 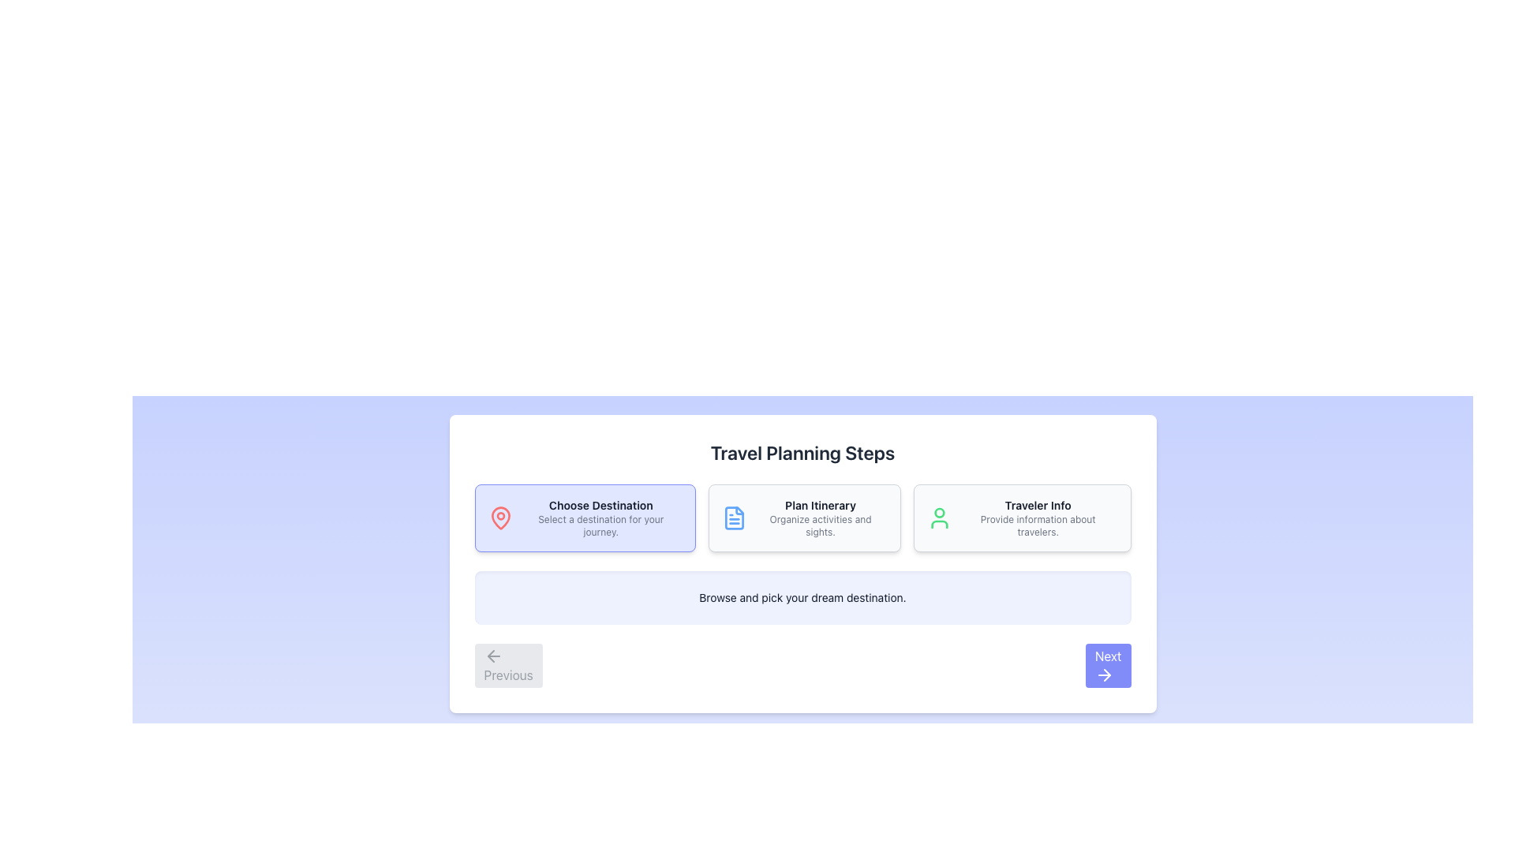 What do you see at coordinates (939, 518) in the screenshot?
I see `the user profile icon located at the top left of the 'Traveler Info' card, which precedes the textual content` at bounding box center [939, 518].